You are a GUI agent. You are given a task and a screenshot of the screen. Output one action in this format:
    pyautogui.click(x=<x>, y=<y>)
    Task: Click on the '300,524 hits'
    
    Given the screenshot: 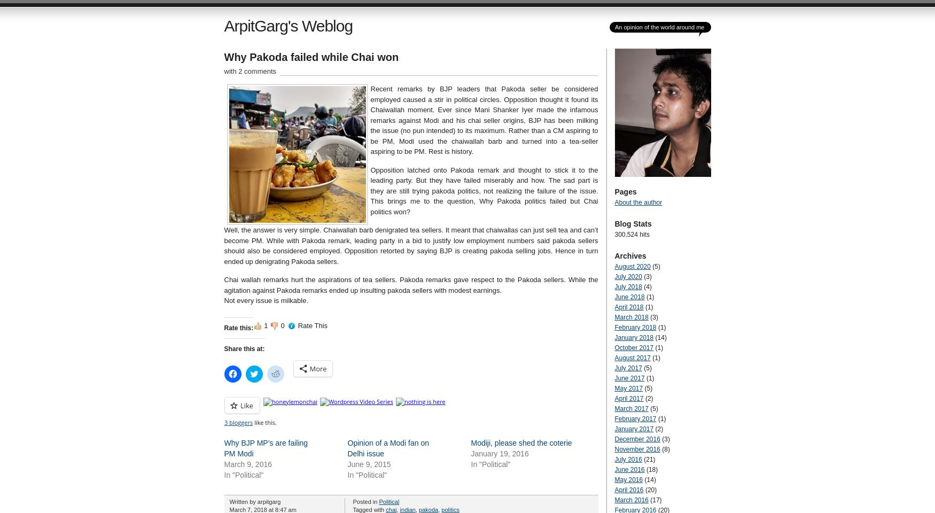 What is the action you would take?
    pyautogui.click(x=631, y=235)
    